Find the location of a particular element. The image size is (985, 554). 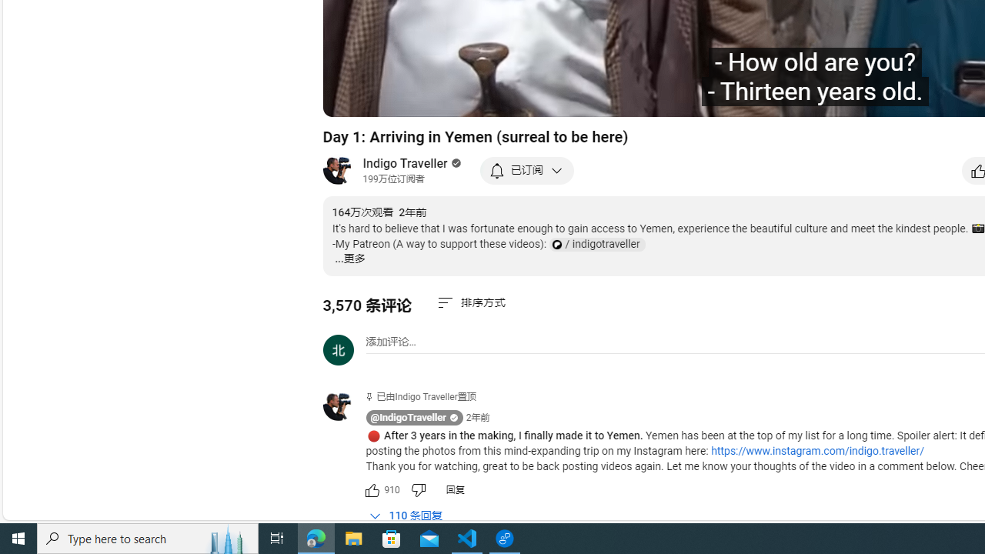

'@IndigoTraveller' is located at coordinates (408, 418).